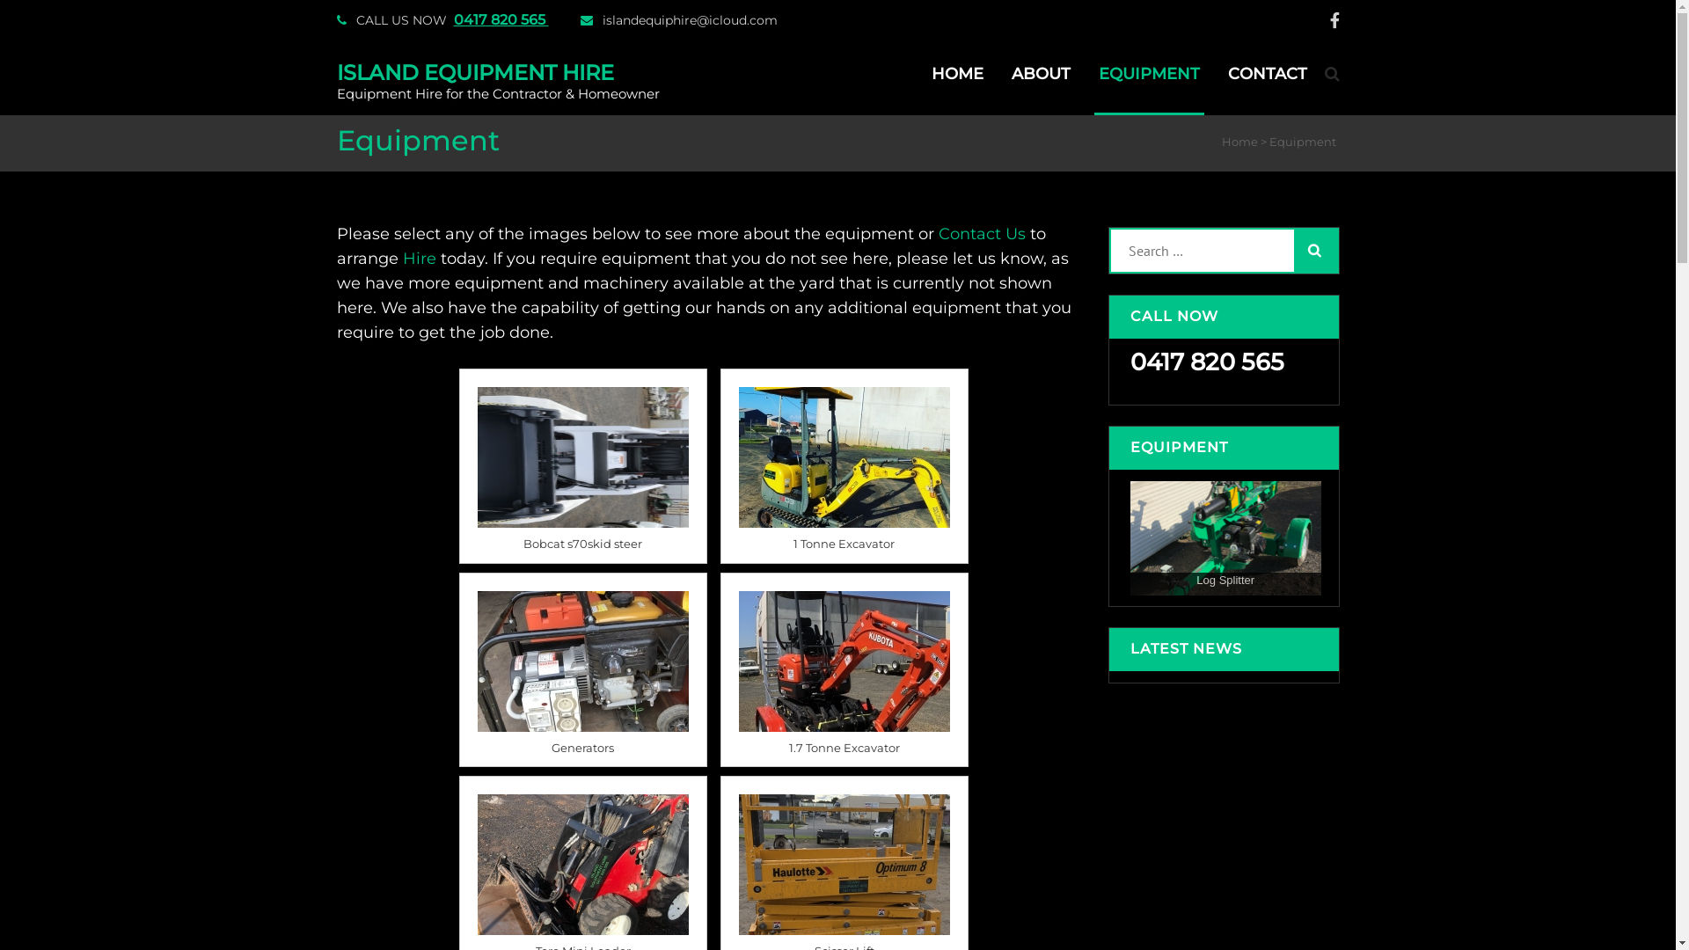 The image size is (1689, 950). What do you see at coordinates (980, 233) in the screenshot?
I see `'Contact Us'` at bounding box center [980, 233].